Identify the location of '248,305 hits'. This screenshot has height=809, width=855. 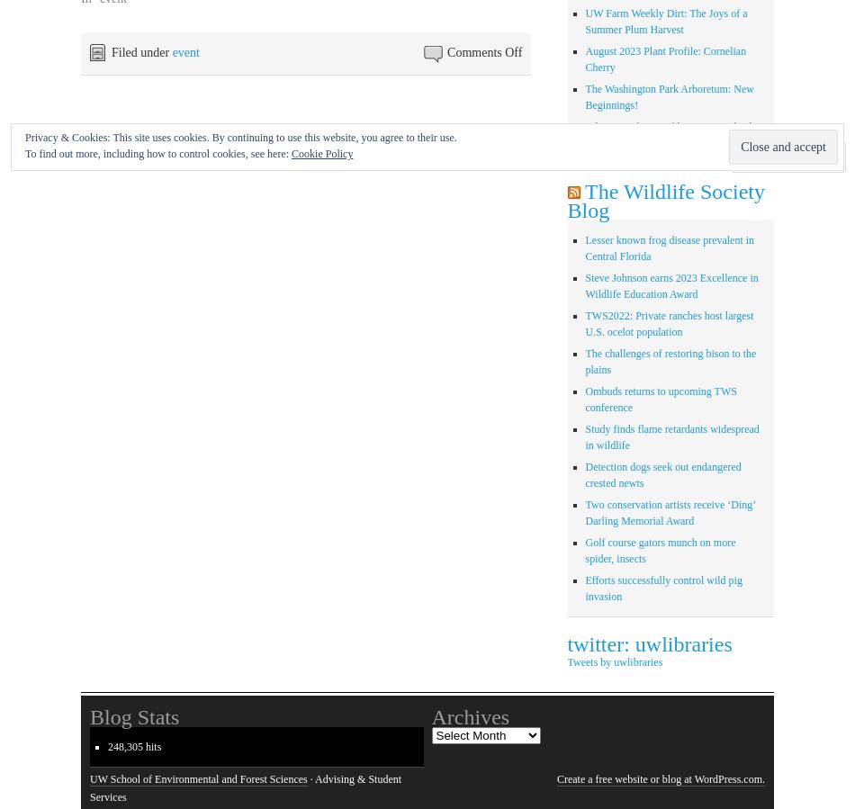
(134, 745).